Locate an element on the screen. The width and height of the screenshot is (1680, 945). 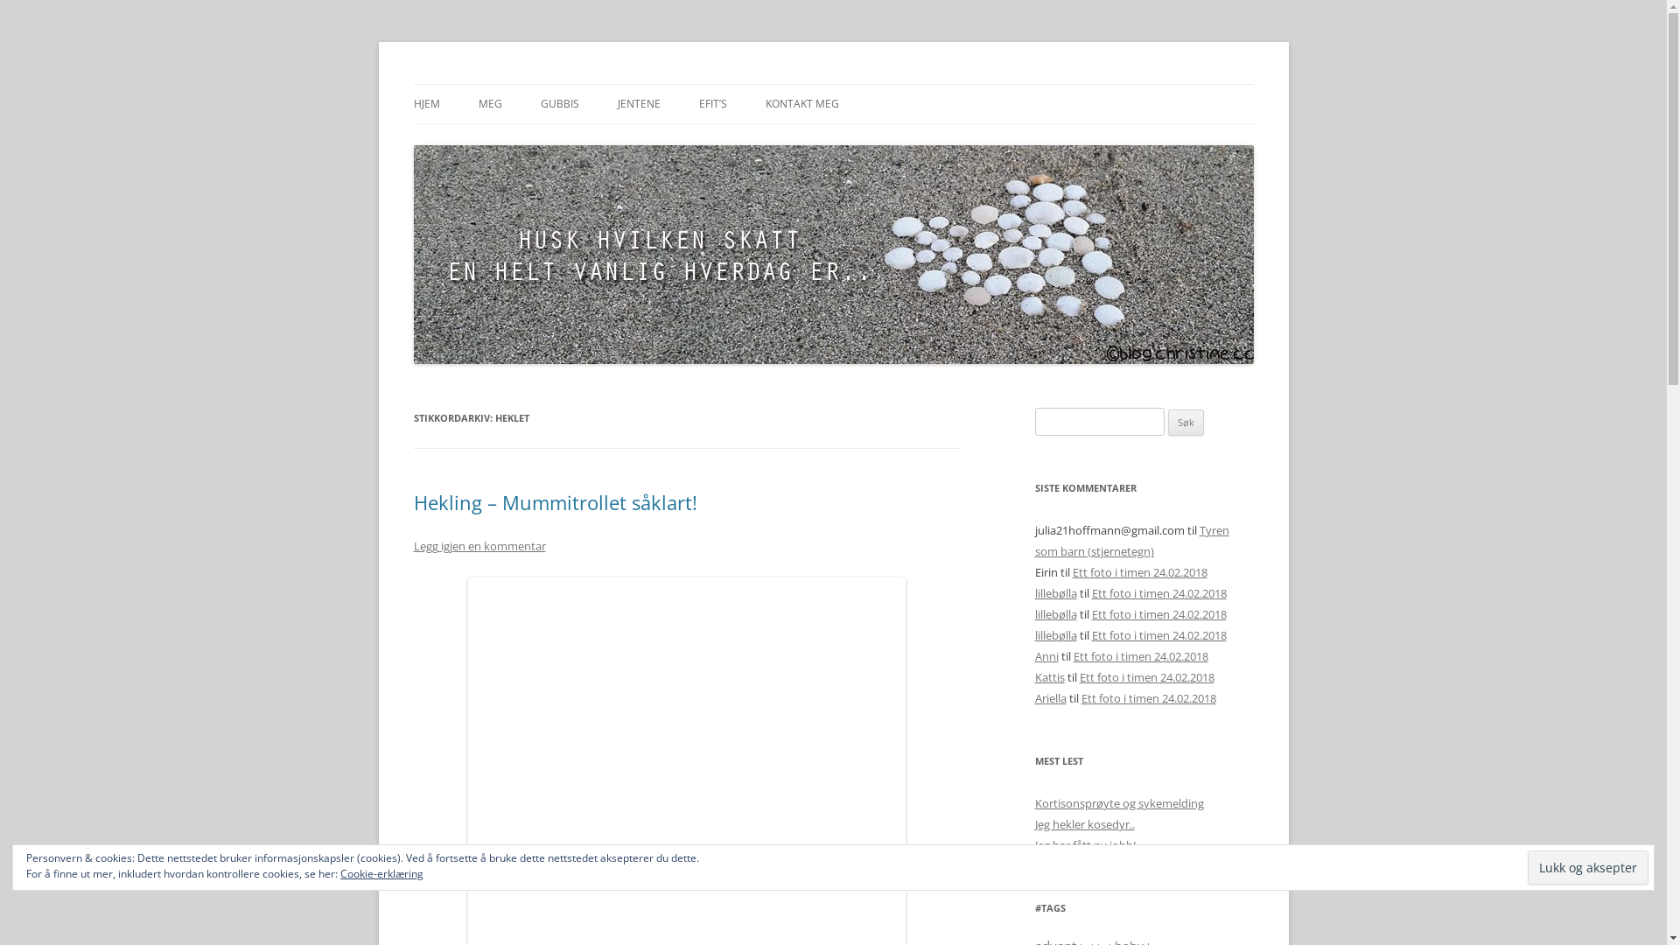
'HJEM' is located at coordinates (425, 104).